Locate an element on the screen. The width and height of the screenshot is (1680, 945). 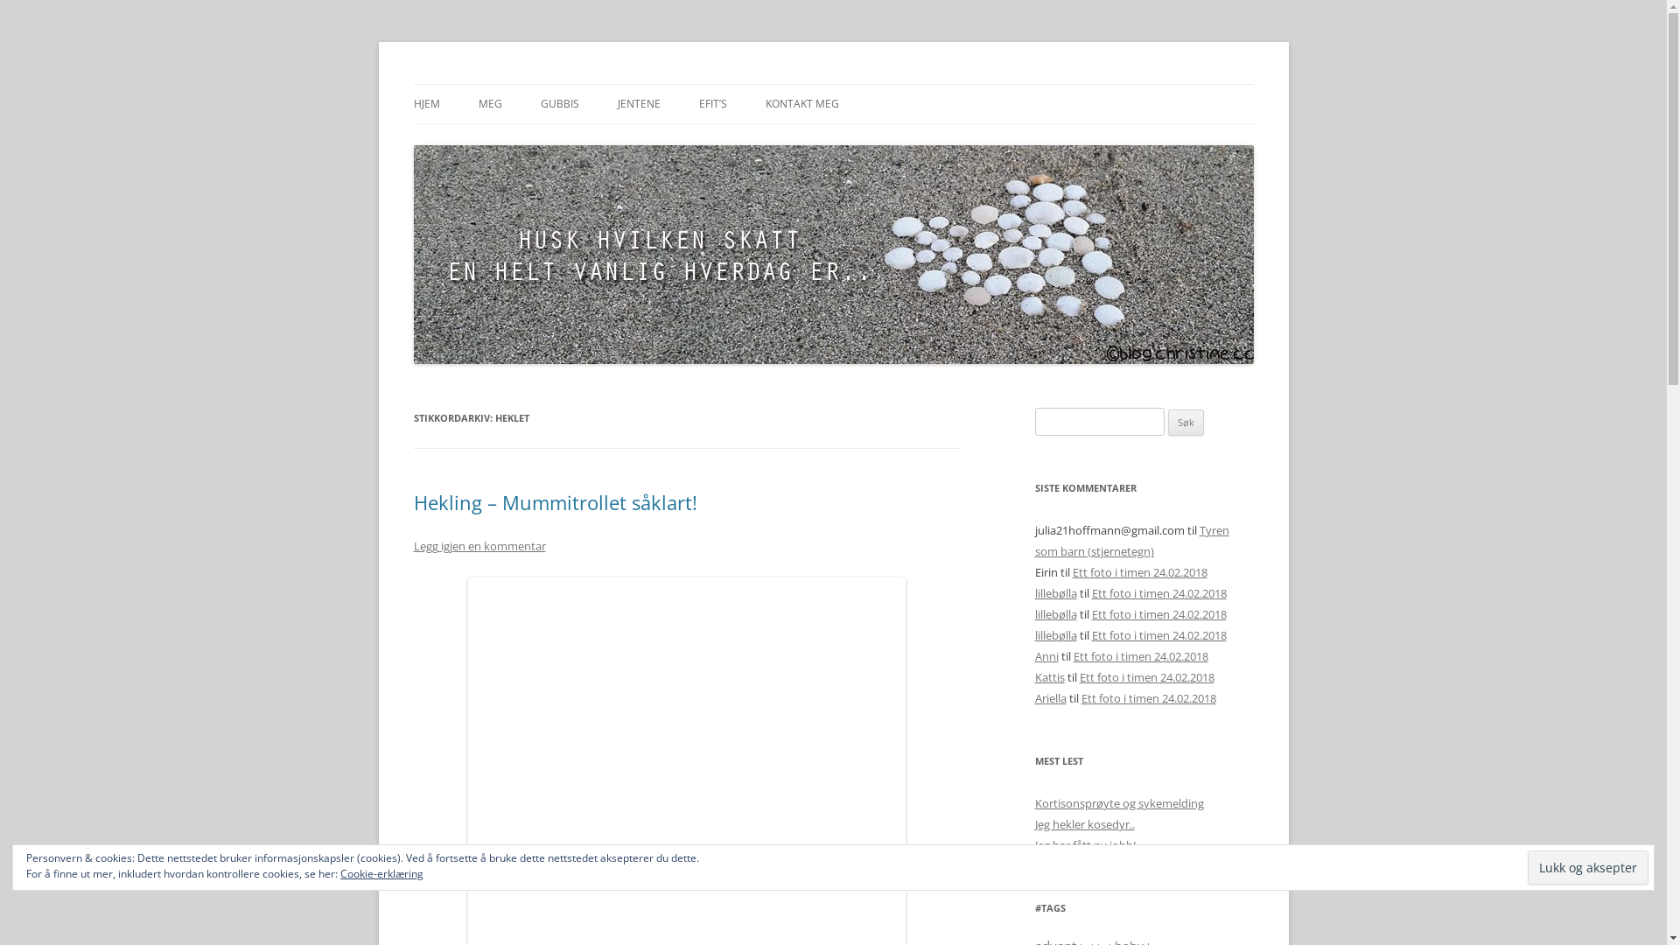
'HJEM' is located at coordinates (425, 104).